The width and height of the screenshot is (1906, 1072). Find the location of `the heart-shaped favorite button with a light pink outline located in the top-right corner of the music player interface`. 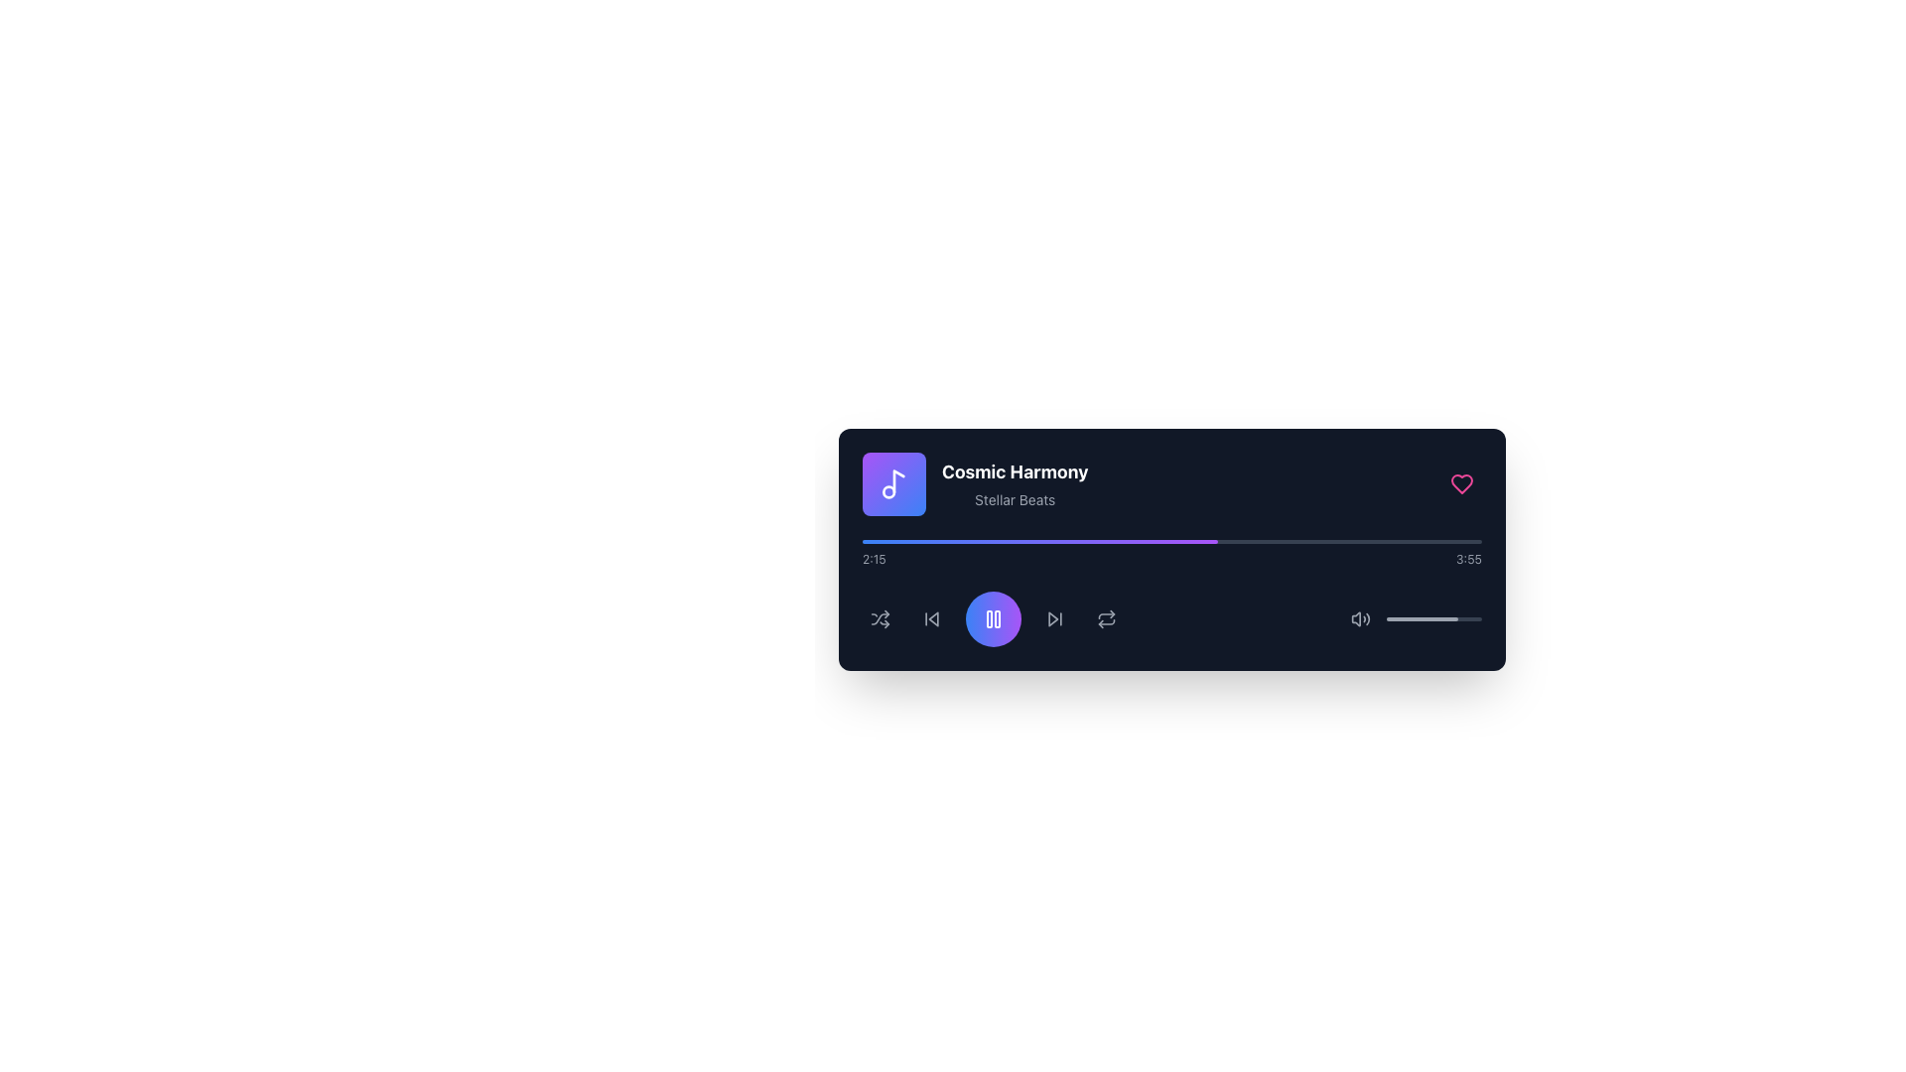

the heart-shaped favorite button with a light pink outline located in the top-right corner of the music player interface is located at coordinates (1462, 484).